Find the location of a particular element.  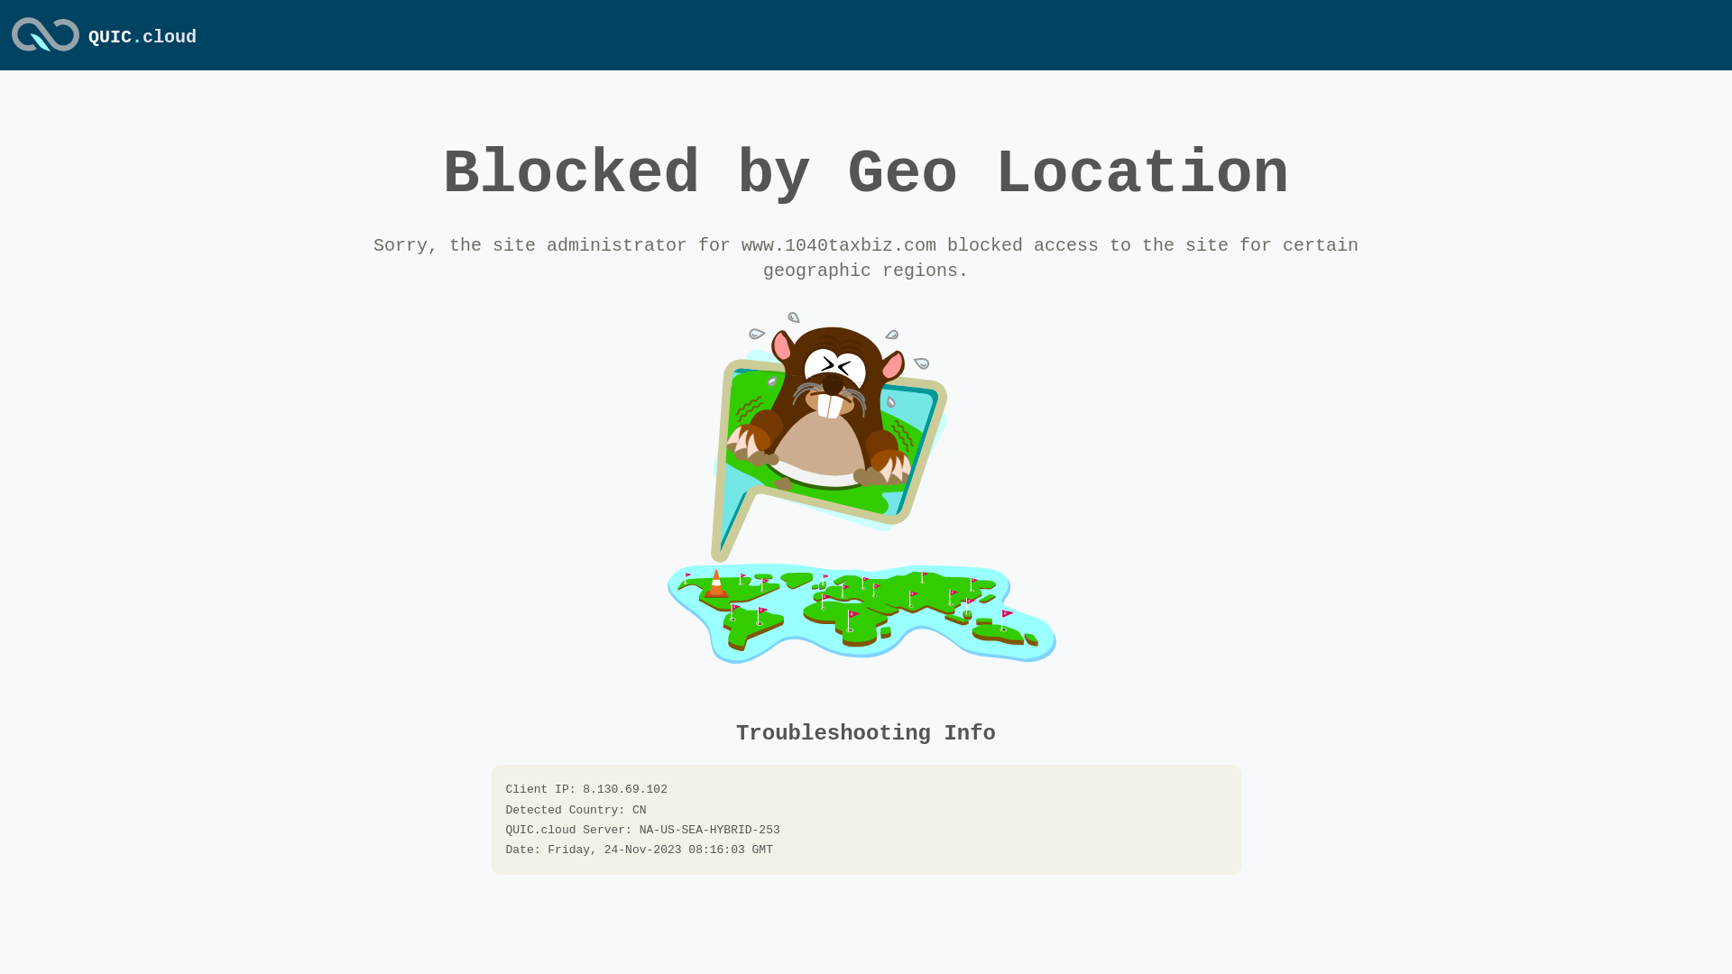

'QUIC.cloud' is located at coordinates (142, 37).